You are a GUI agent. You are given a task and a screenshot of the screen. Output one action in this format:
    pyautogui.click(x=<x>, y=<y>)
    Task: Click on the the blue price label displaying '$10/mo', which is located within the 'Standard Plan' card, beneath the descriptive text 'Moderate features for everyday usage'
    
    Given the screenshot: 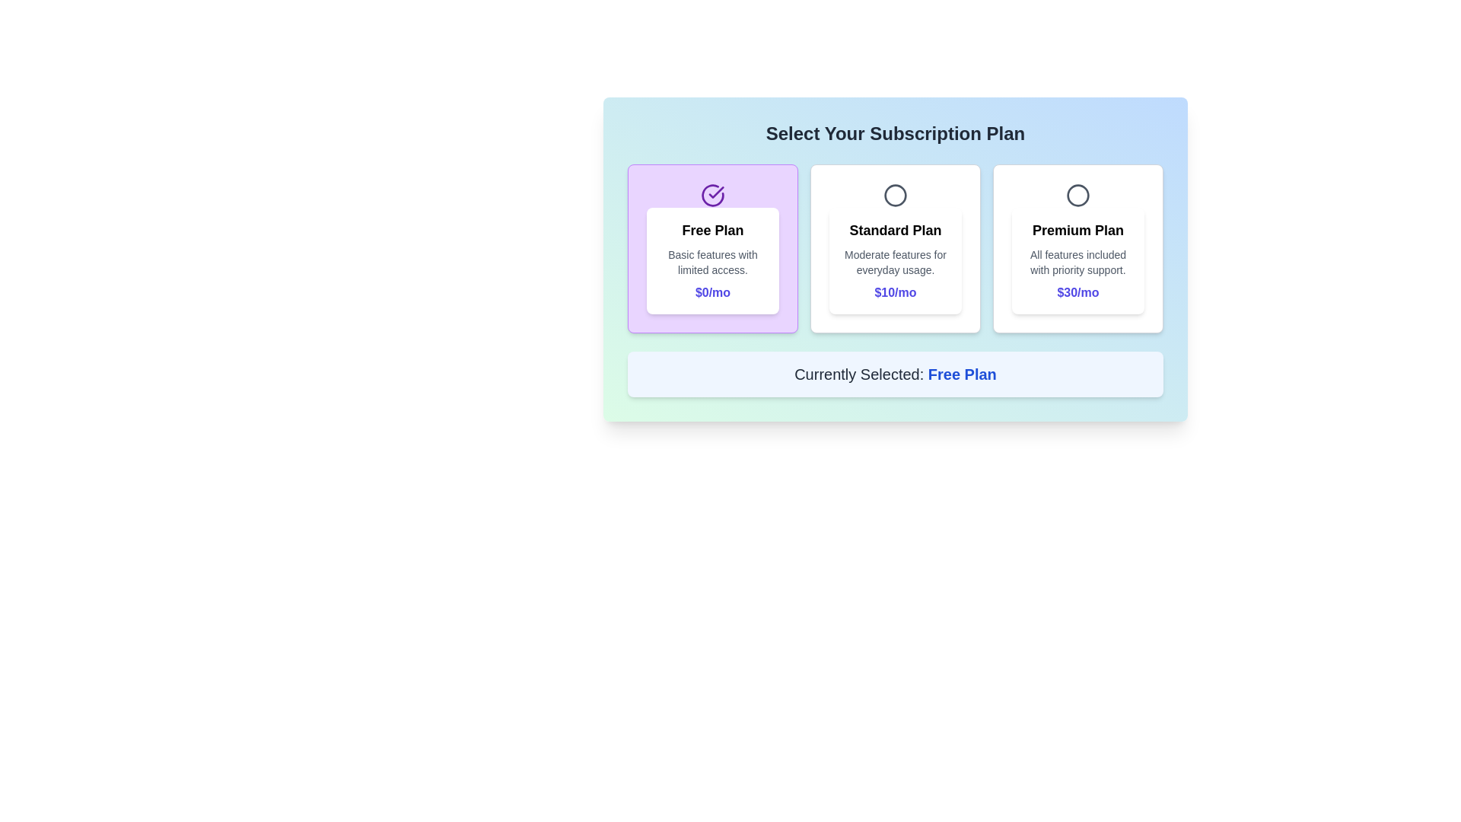 What is the action you would take?
    pyautogui.click(x=895, y=293)
    